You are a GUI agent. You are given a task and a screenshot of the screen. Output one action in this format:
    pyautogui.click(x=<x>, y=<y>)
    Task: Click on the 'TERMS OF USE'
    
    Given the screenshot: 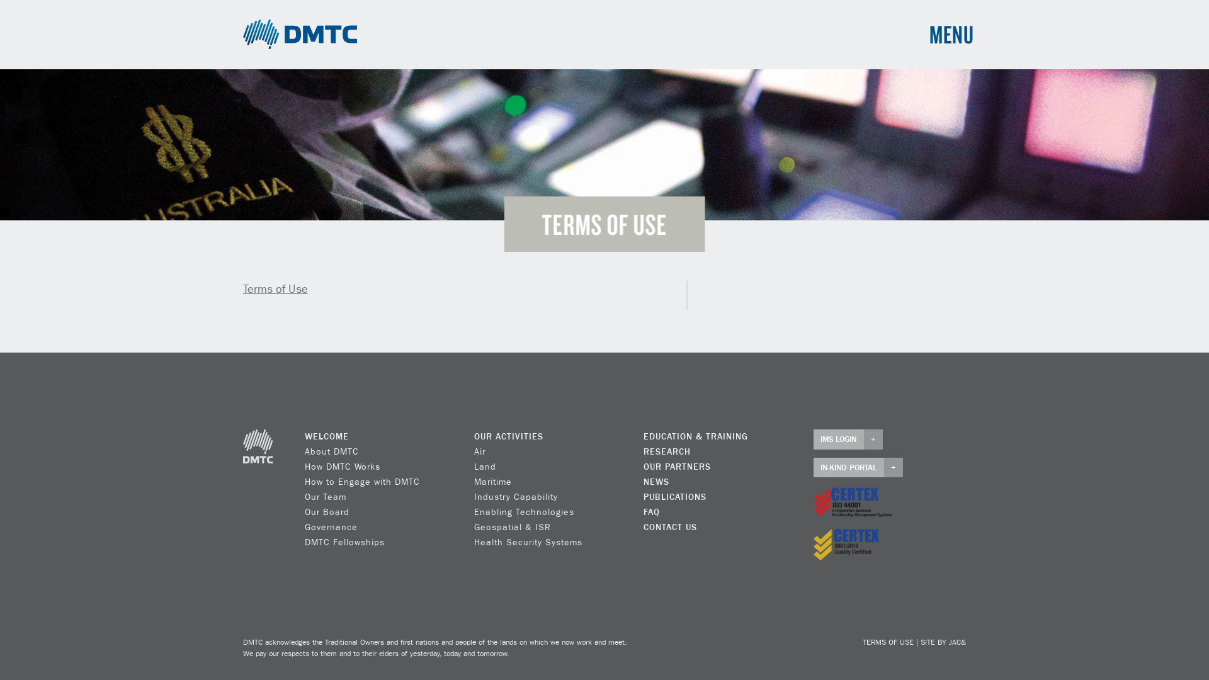 What is the action you would take?
    pyautogui.click(x=887, y=643)
    